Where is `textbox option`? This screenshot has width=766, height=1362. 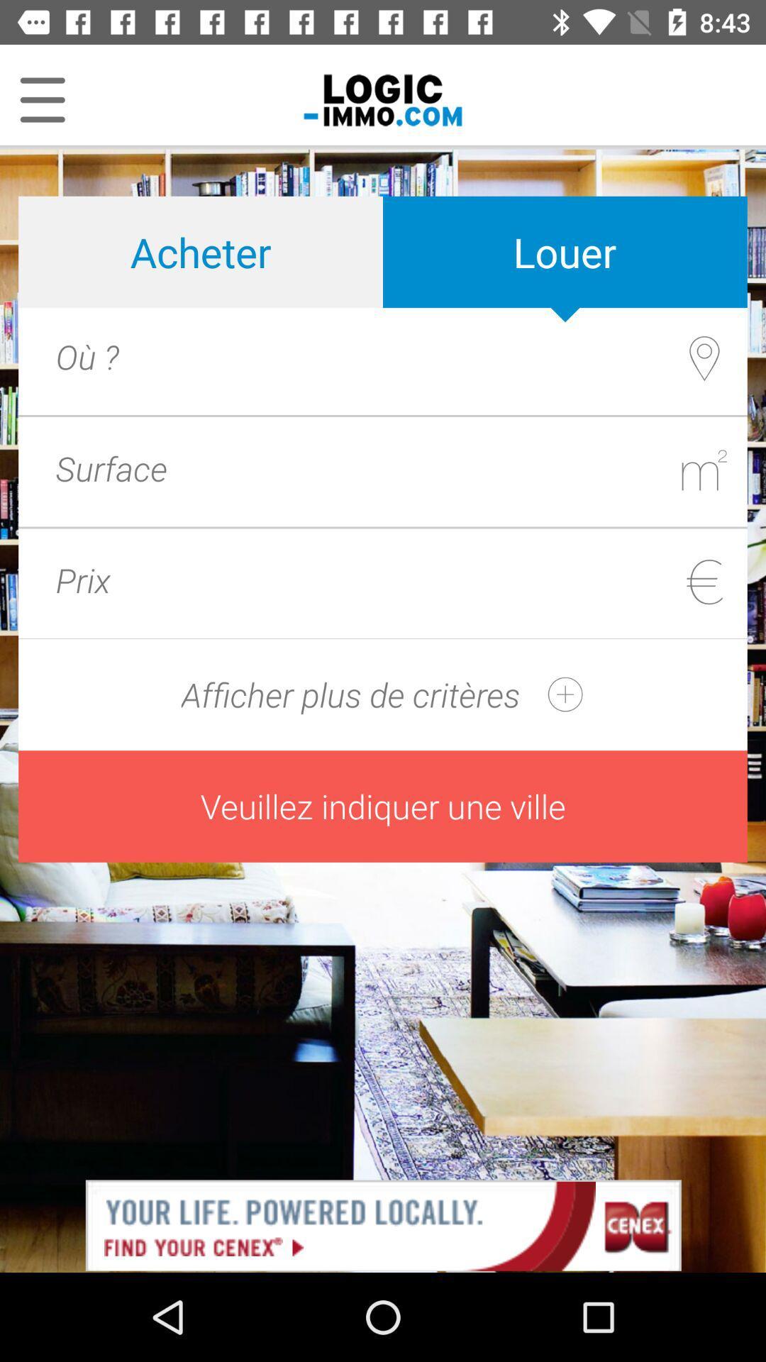 textbox option is located at coordinates (436, 468).